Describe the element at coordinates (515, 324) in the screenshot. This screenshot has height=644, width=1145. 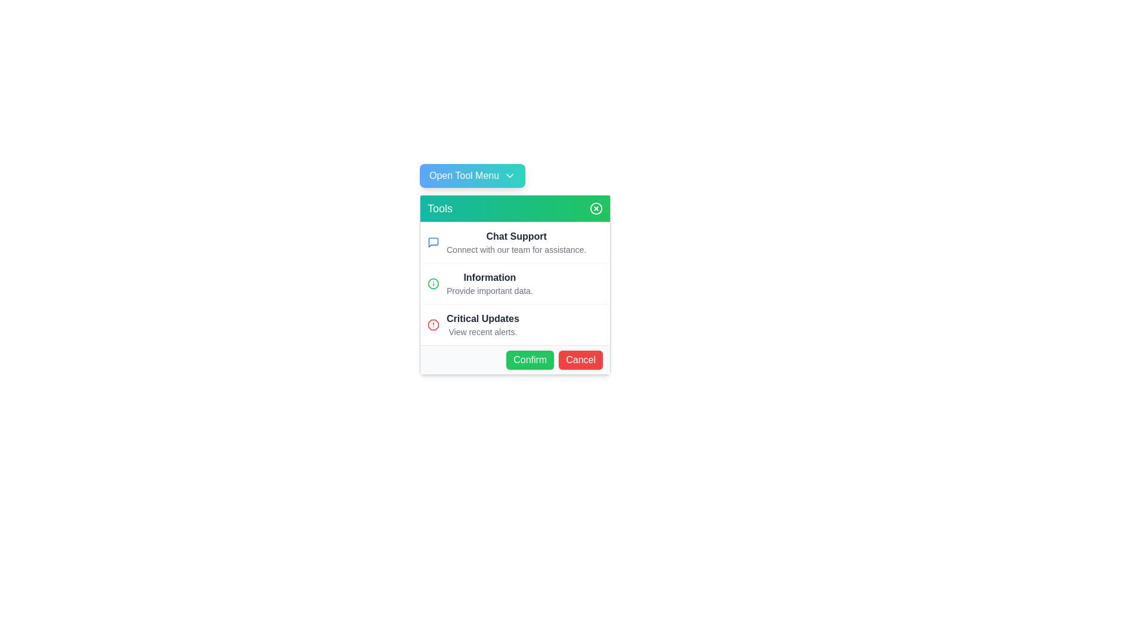
I see `the third row in the vertical list marked with an icon` at that location.